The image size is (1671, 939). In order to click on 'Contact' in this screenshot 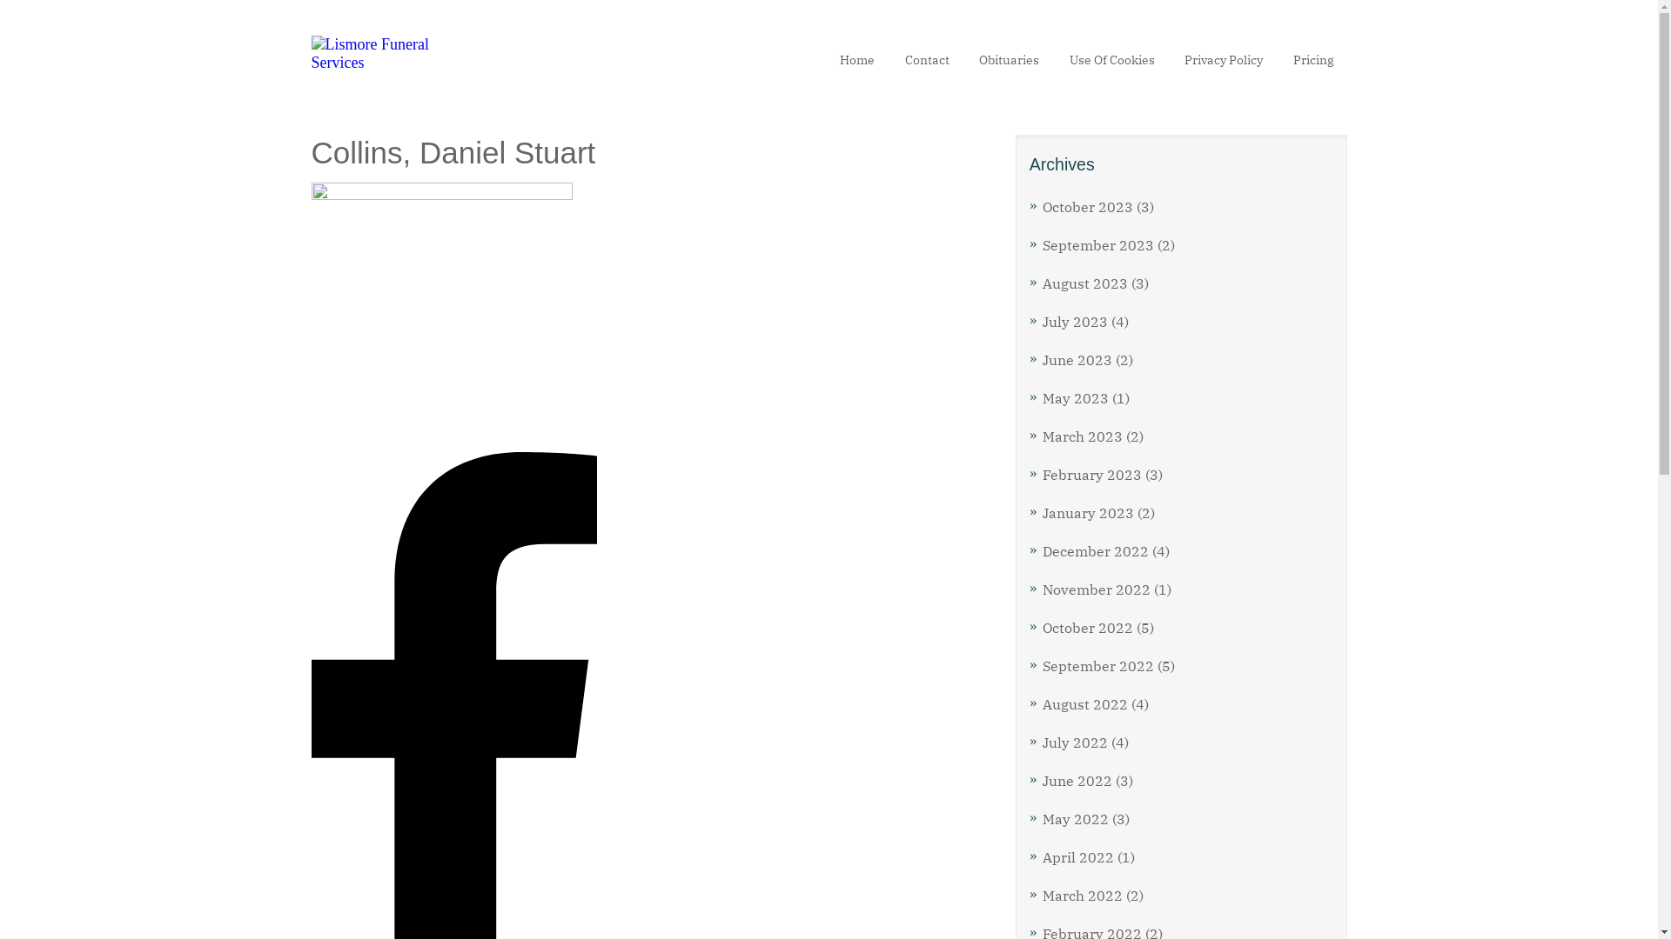, I will do `click(926, 59)`.